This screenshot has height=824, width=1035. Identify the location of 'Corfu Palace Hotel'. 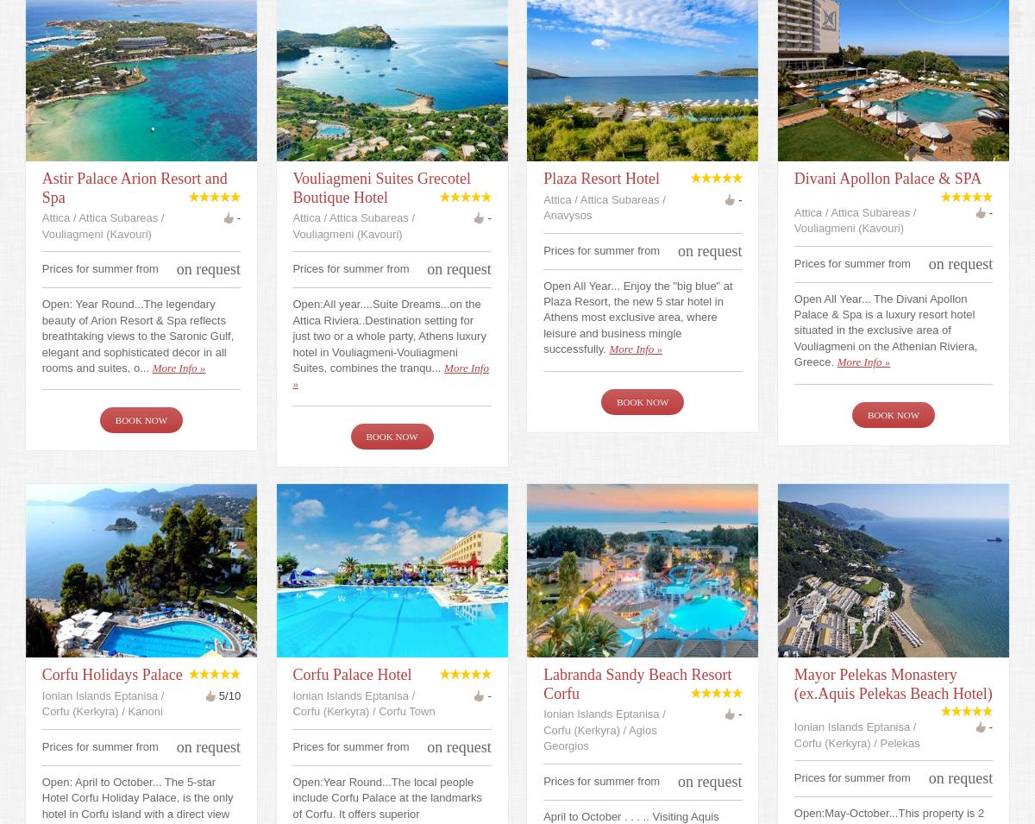
(292, 673).